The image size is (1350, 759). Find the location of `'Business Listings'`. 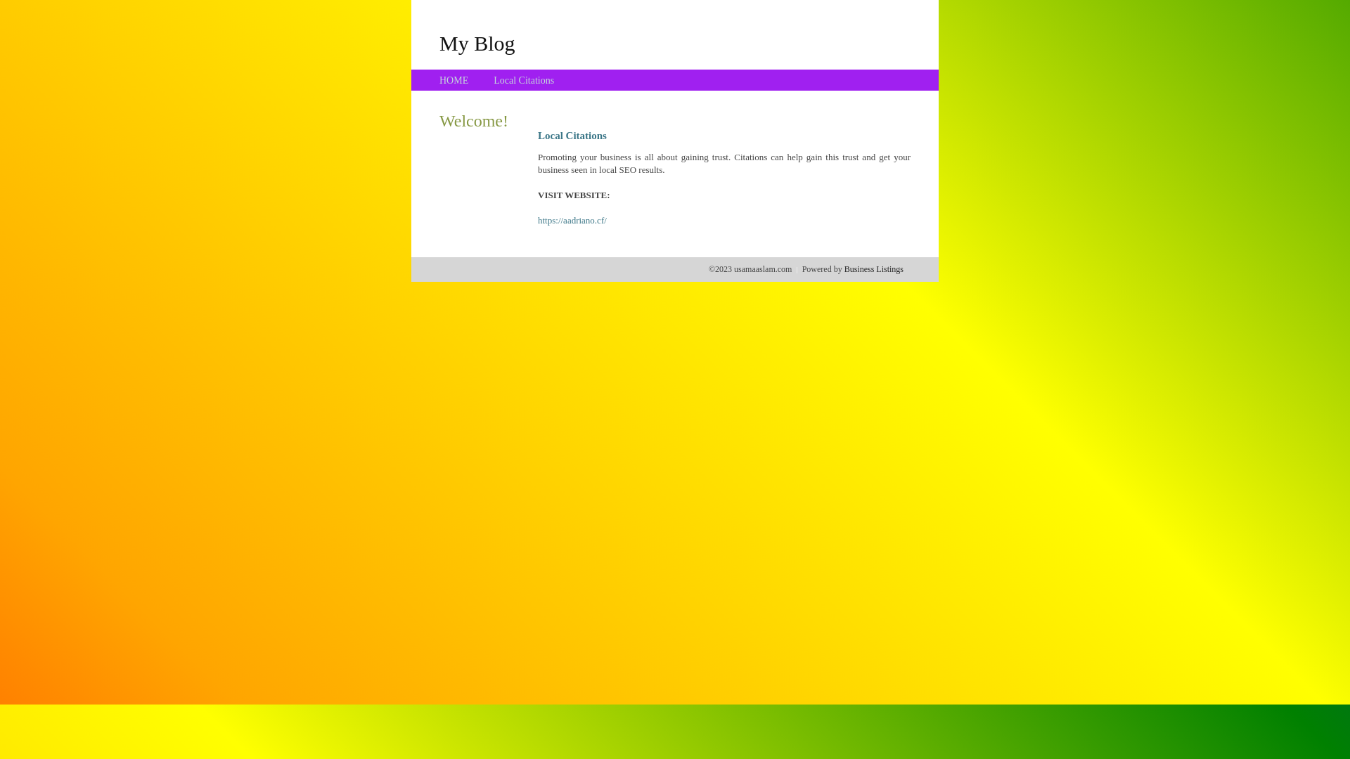

'Business Listings' is located at coordinates (873, 268).